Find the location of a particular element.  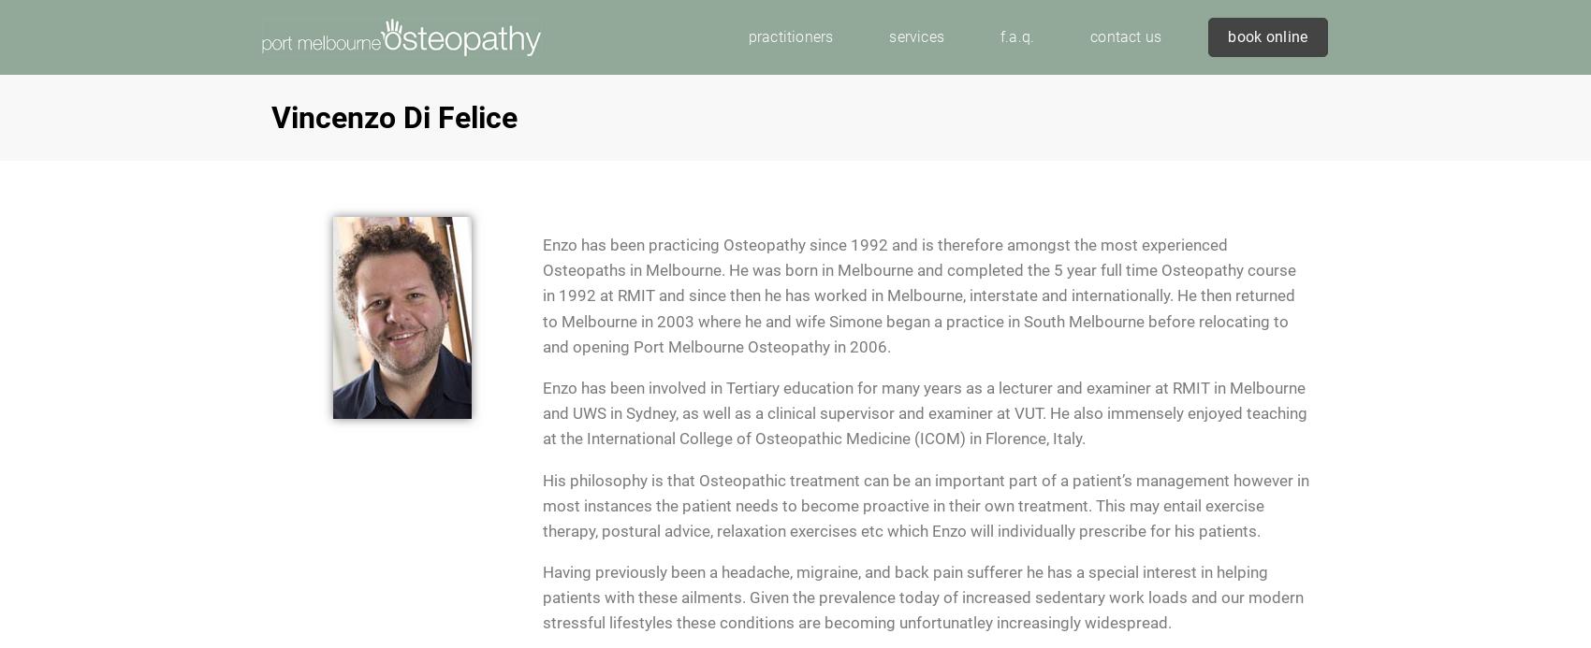

'services' is located at coordinates (915, 36).